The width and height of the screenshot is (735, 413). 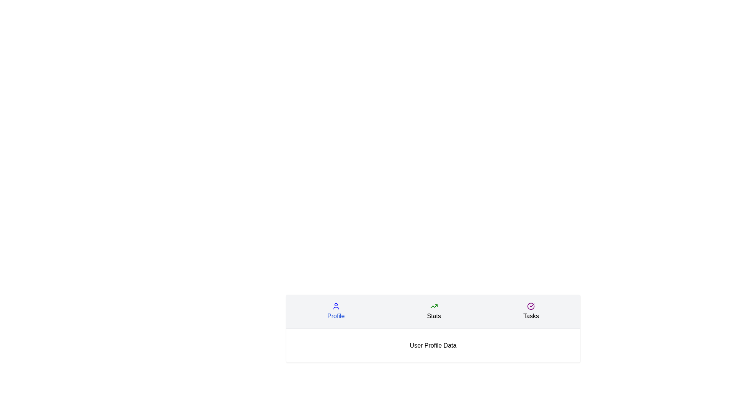 I want to click on the Tasks tab by clicking on its respective button, so click(x=531, y=311).